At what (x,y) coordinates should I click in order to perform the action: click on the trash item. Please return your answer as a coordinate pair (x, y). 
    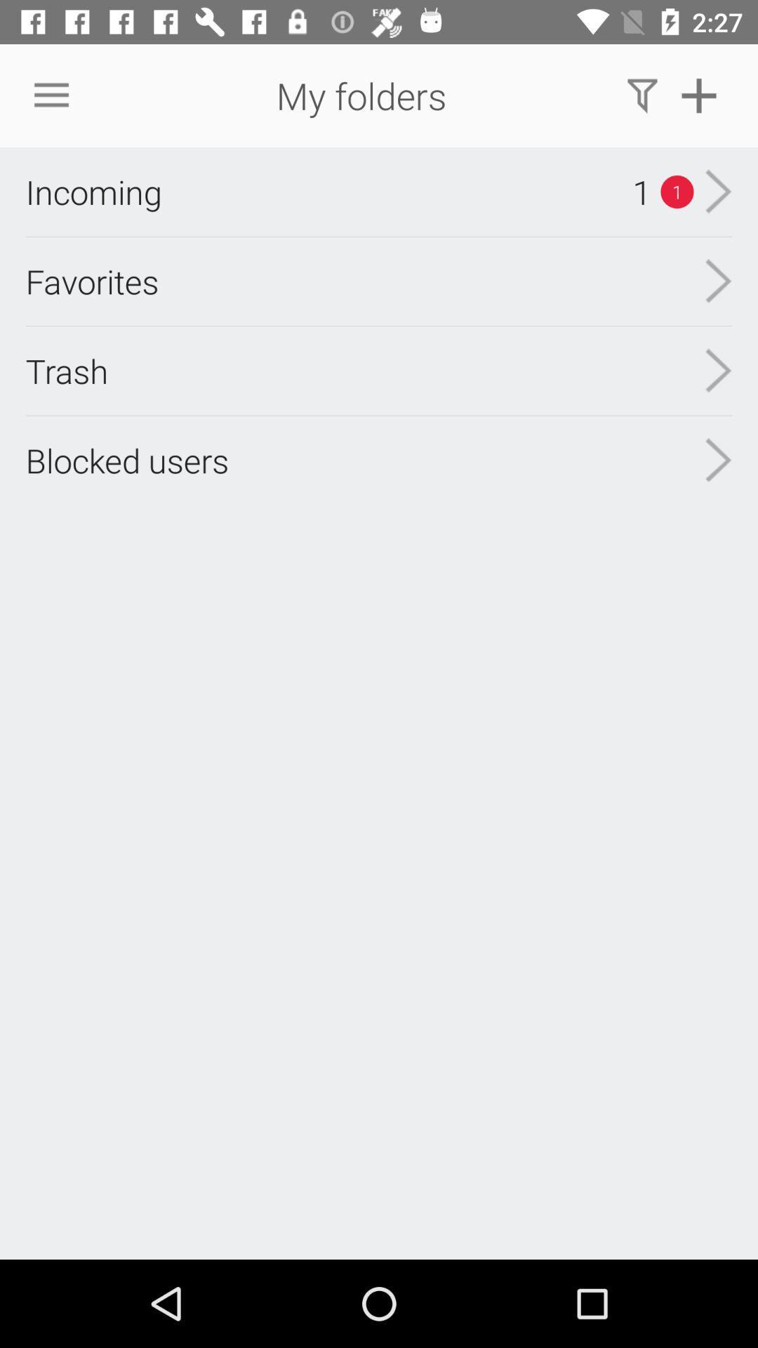
    Looking at the image, I should click on (67, 371).